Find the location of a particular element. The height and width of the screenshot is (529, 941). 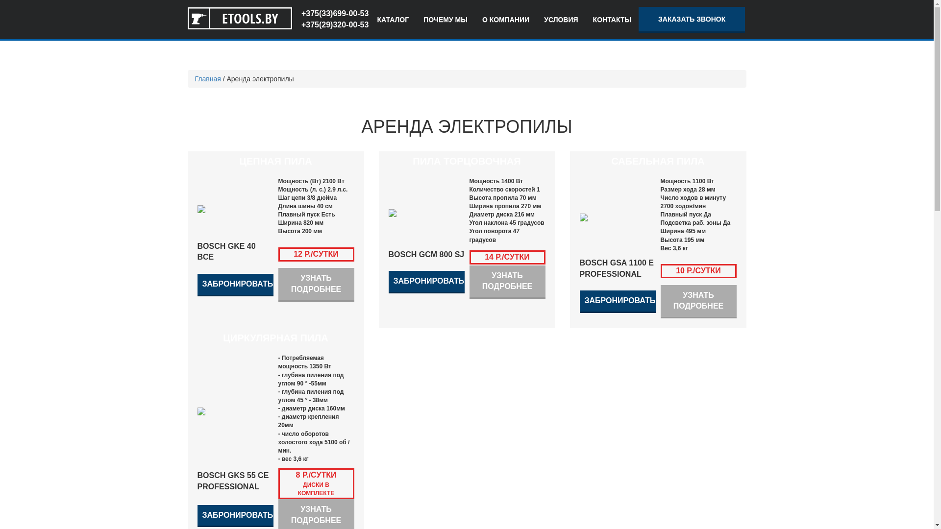

'+375(33)699-00-53' is located at coordinates (335, 14).